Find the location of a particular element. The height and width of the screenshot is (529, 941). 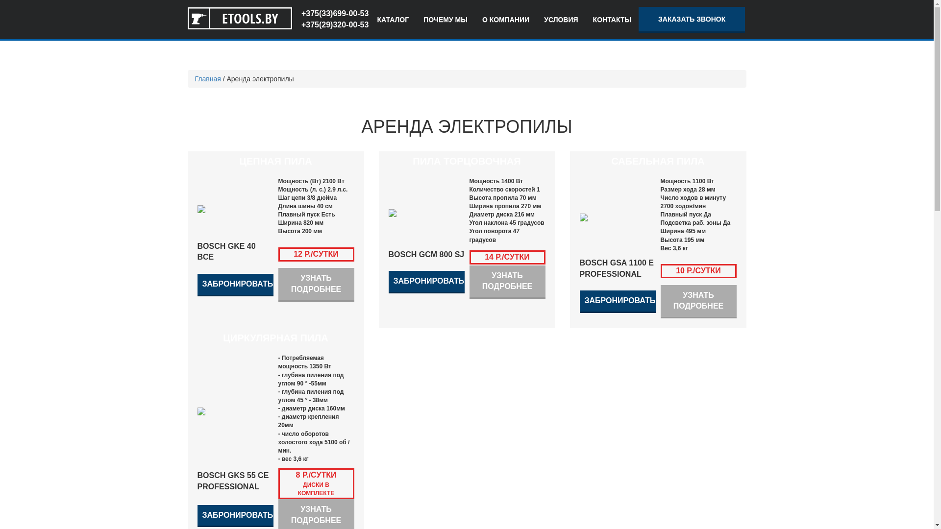

'+375(33)699-00-53' is located at coordinates (335, 14).